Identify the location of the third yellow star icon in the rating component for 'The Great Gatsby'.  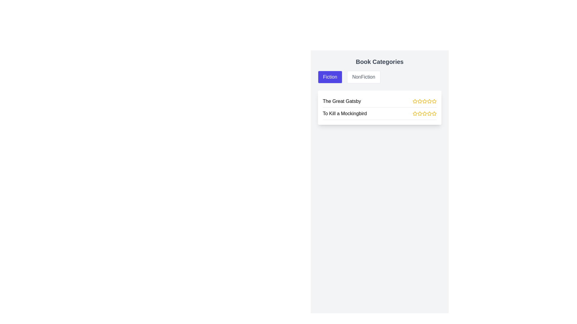
(424, 101).